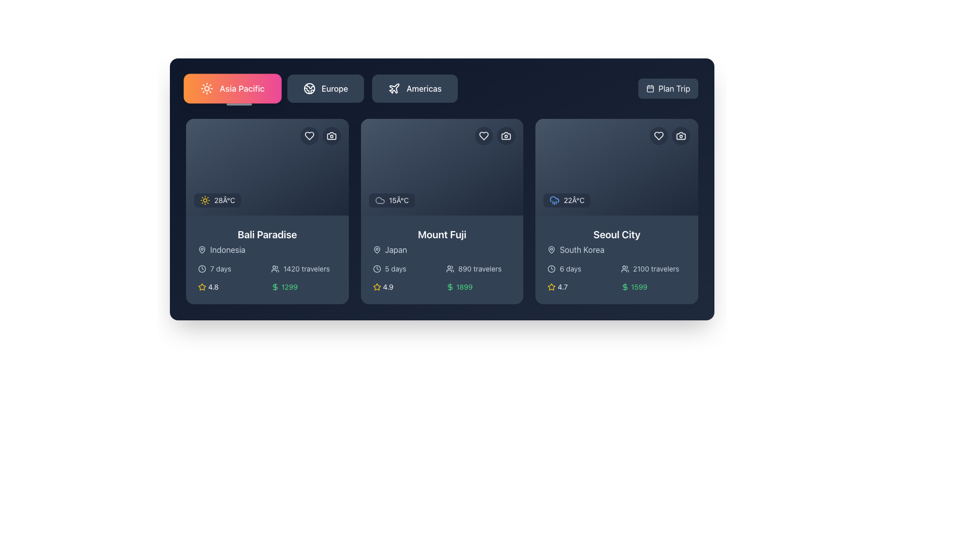 This screenshot has height=544, width=968. I want to click on the heart-shaped icon located at the top-right corner of the 'Mount Fuji' card to favorite the item, so click(484, 136).